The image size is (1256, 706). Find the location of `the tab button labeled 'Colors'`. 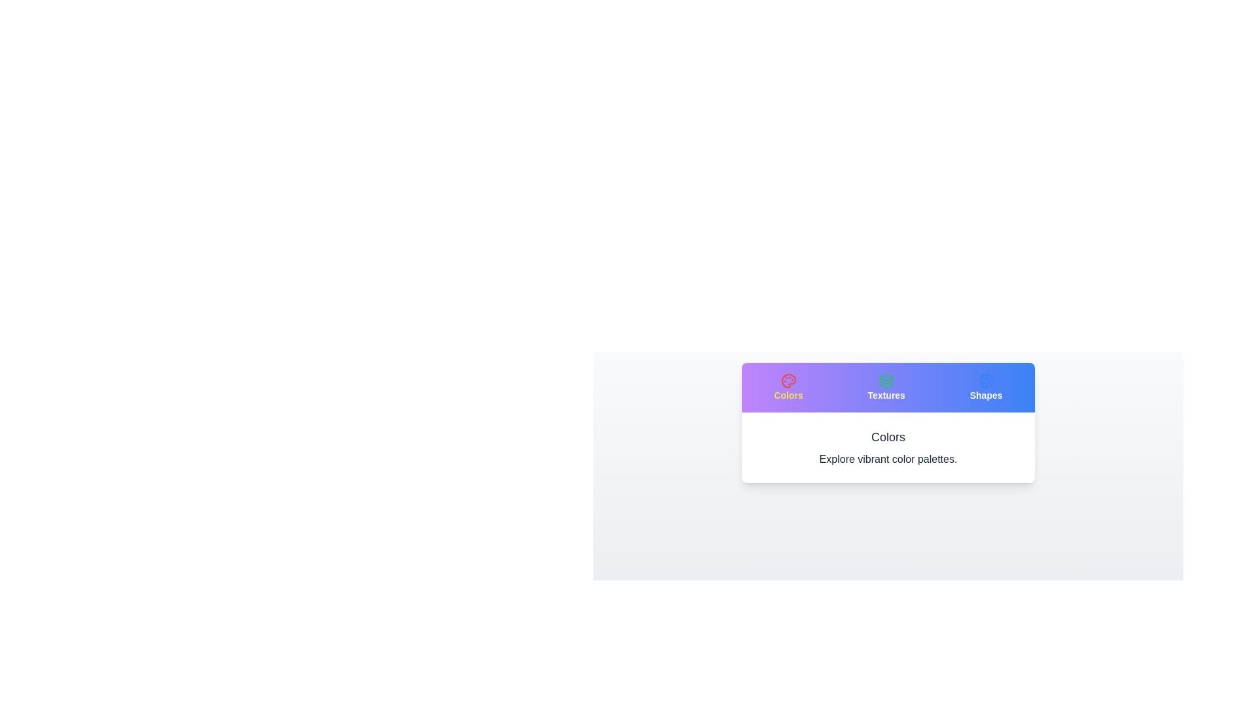

the tab button labeled 'Colors' is located at coordinates (788, 387).